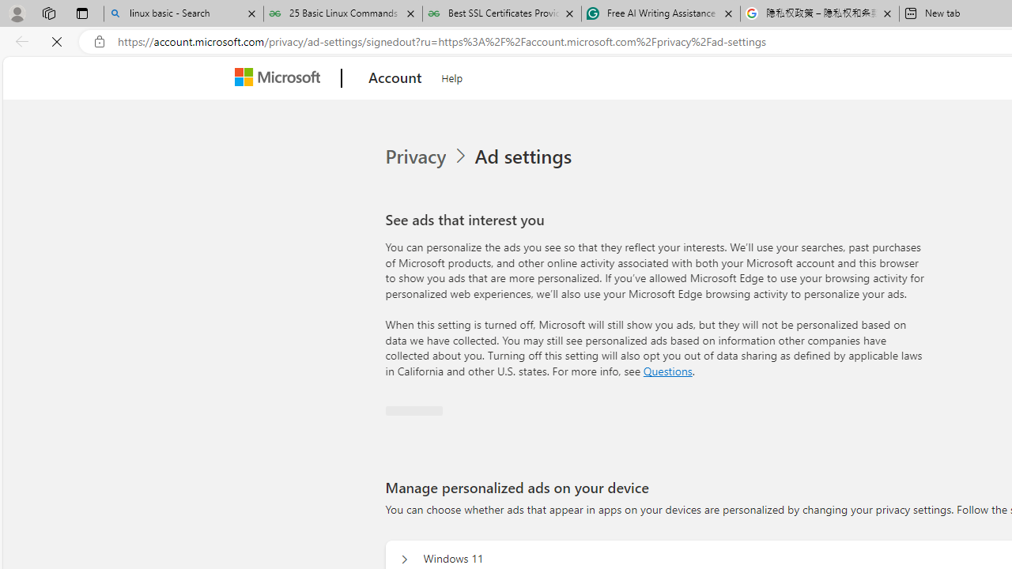  I want to click on '25 Basic Linux Commands For Beginners - GeeksforGeeks', so click(342, 13).